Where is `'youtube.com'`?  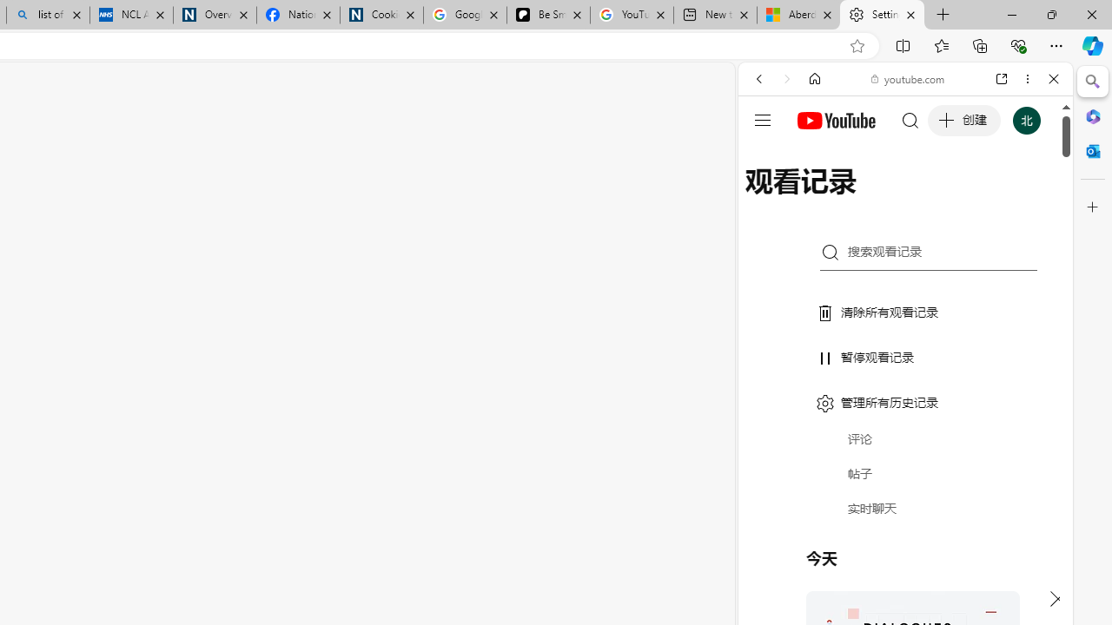 'youtube.com' is located at coordinates (908, 79).